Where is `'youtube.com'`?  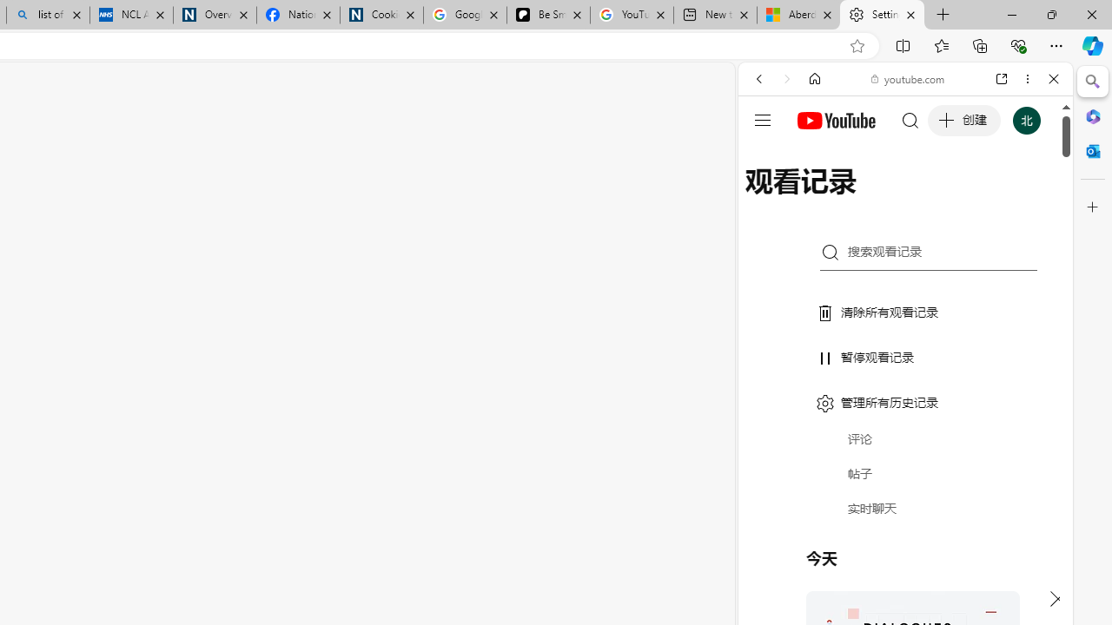 'youtube.com' is located at coordinates (908, 79).